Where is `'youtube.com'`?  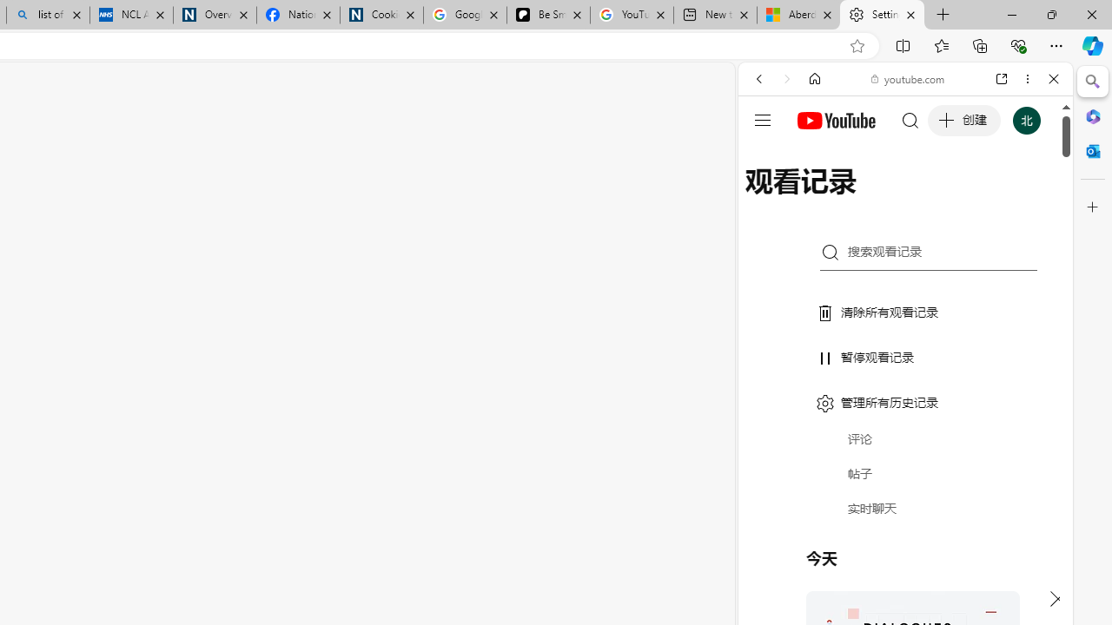 'youtube.com' is located at coordinates (908, 79).